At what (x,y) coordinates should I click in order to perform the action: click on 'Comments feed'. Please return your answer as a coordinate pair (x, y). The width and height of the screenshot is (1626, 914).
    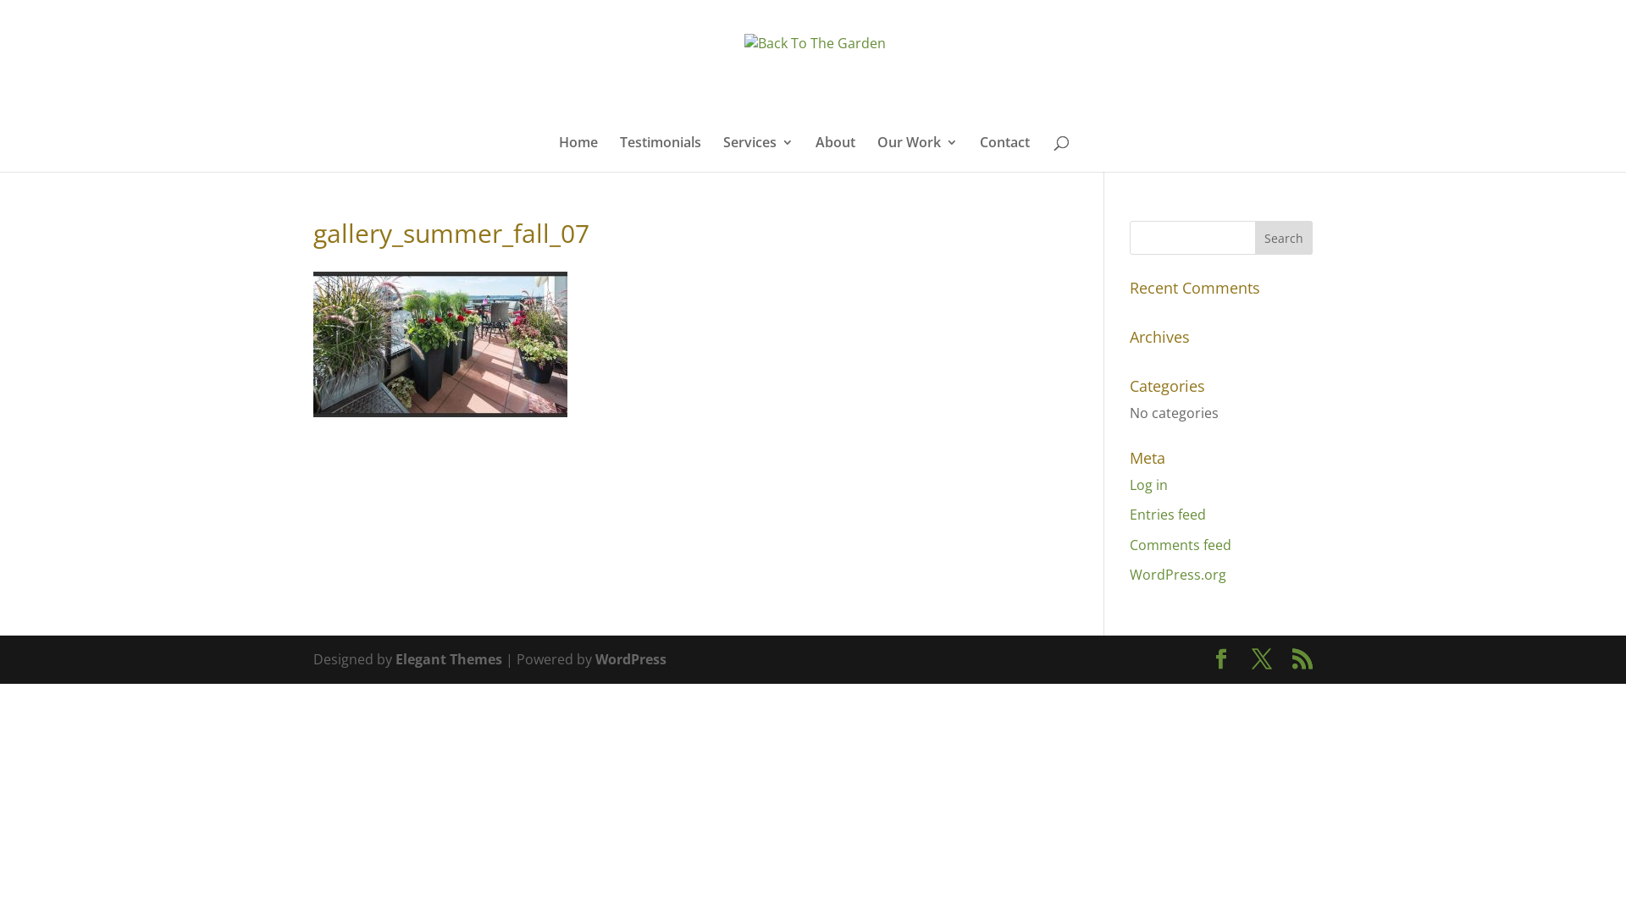
    Looking at the image, I should click on (1179, 545).